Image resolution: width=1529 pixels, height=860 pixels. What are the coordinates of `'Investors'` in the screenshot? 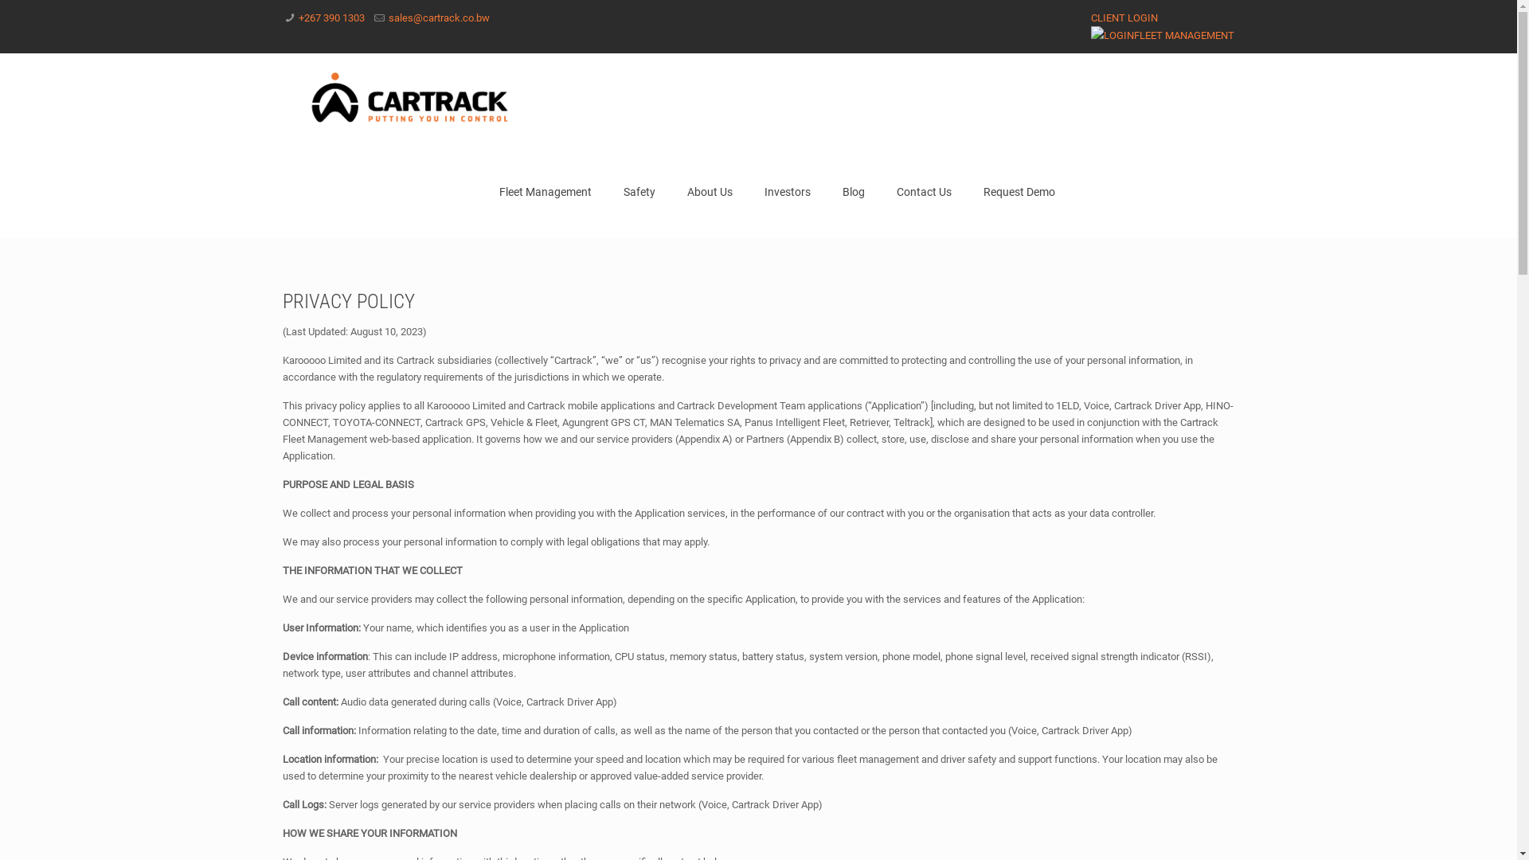 It's located at (787, 190).